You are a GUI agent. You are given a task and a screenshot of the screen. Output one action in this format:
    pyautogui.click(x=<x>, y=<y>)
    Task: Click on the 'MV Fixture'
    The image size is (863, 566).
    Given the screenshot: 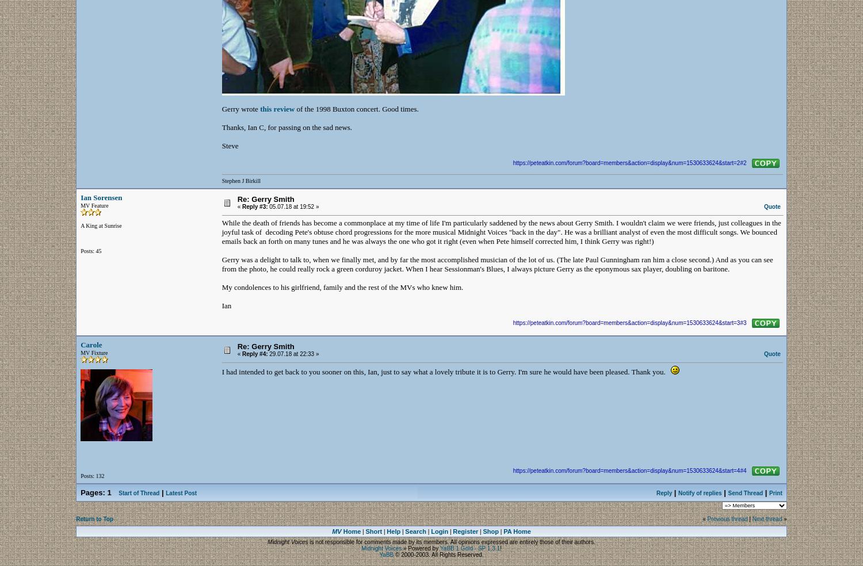 What is the action you would take?
    pyautogui.click(x=94, y=352)
    